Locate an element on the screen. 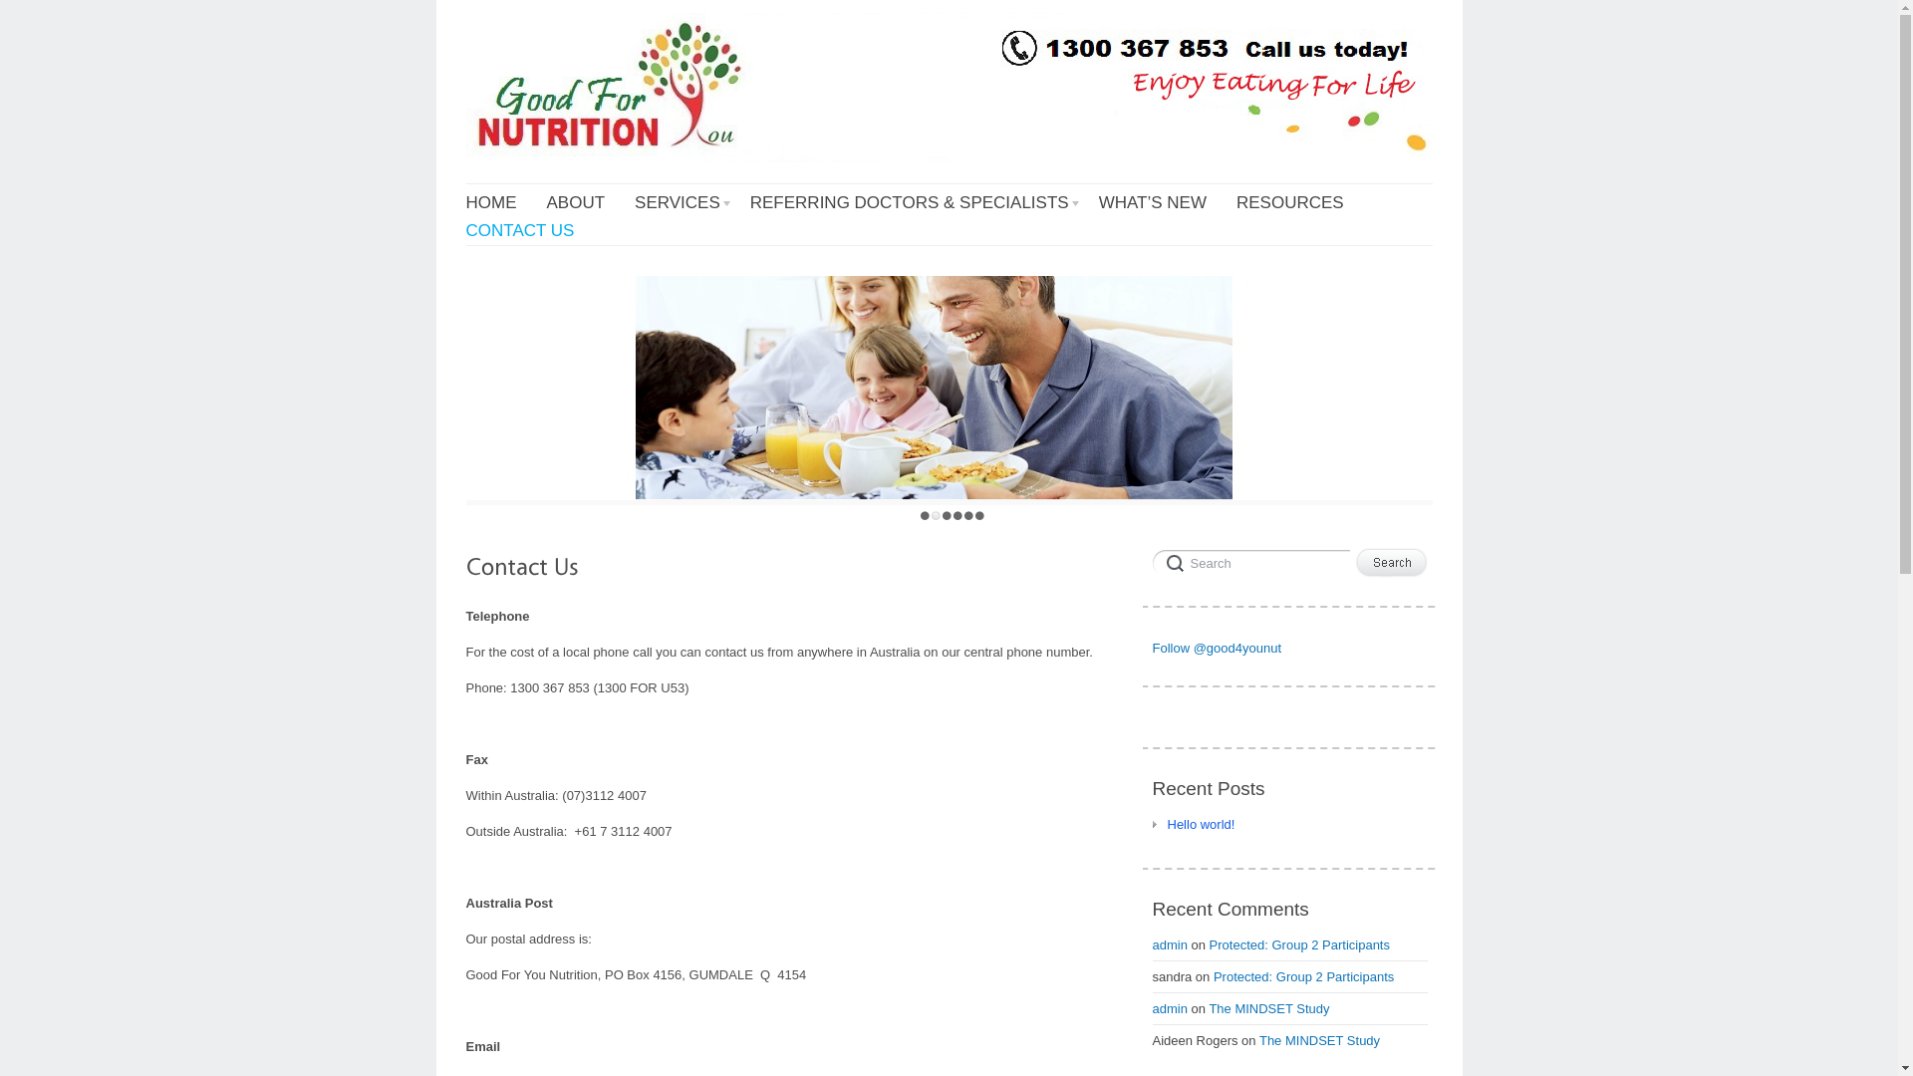 The height and width of the screenshot is (1076, 1913). 'search' is located at coordinates (1152, 561).